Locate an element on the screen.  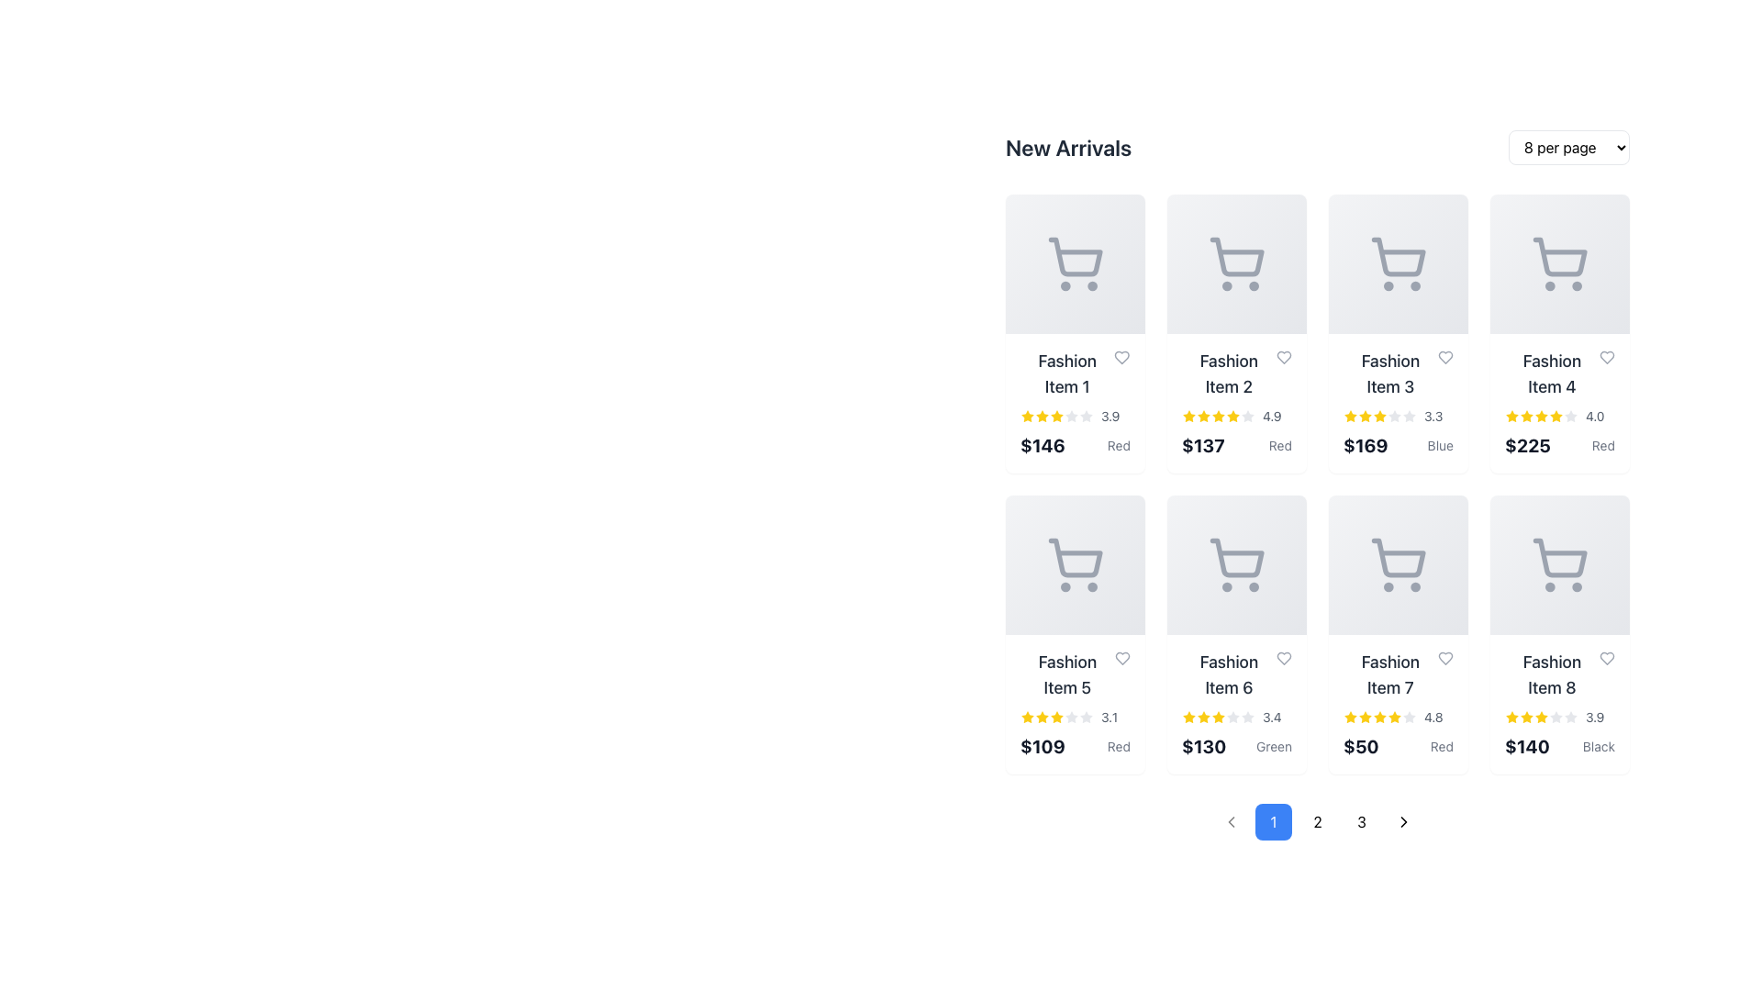
the last rating star icon indicating an unselected portion of the rating for 'Fashion Item 6' is located at coordinates (1247, 717).